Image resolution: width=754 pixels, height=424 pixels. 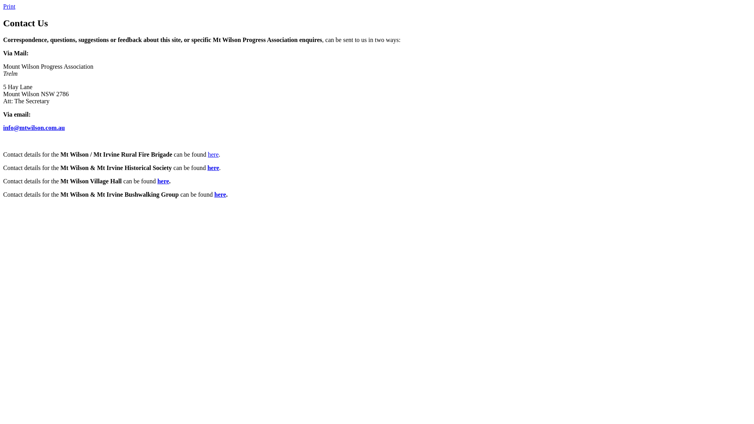 What do you see at coordinates (214, 194) in the screenshot?
I see `'here'` at bounding box center [214, 194].